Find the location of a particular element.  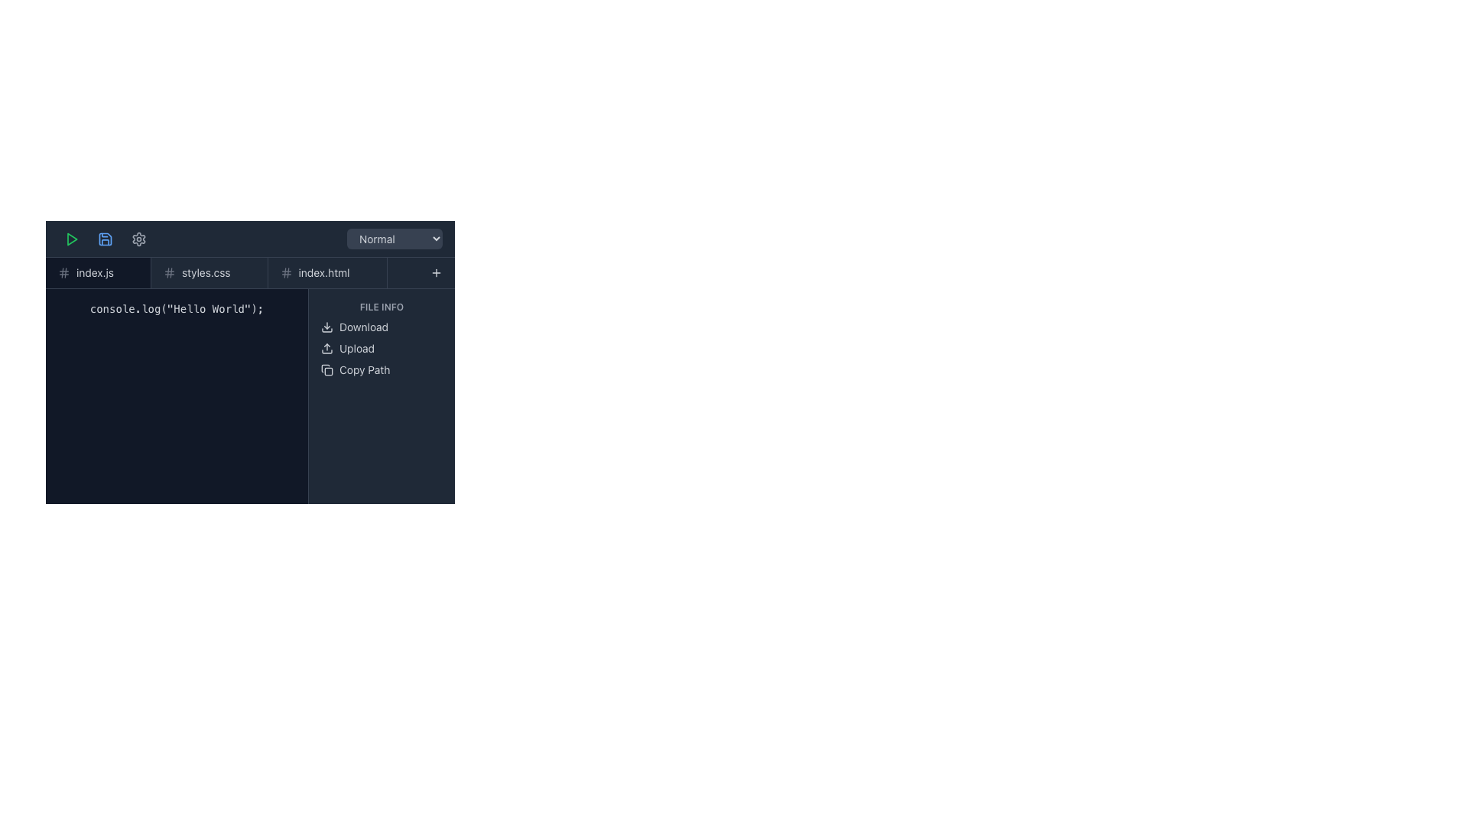

the download icon located to the left of the 'Download' text label in the 'FILE INFO' section is located at coordinates (326, 327).